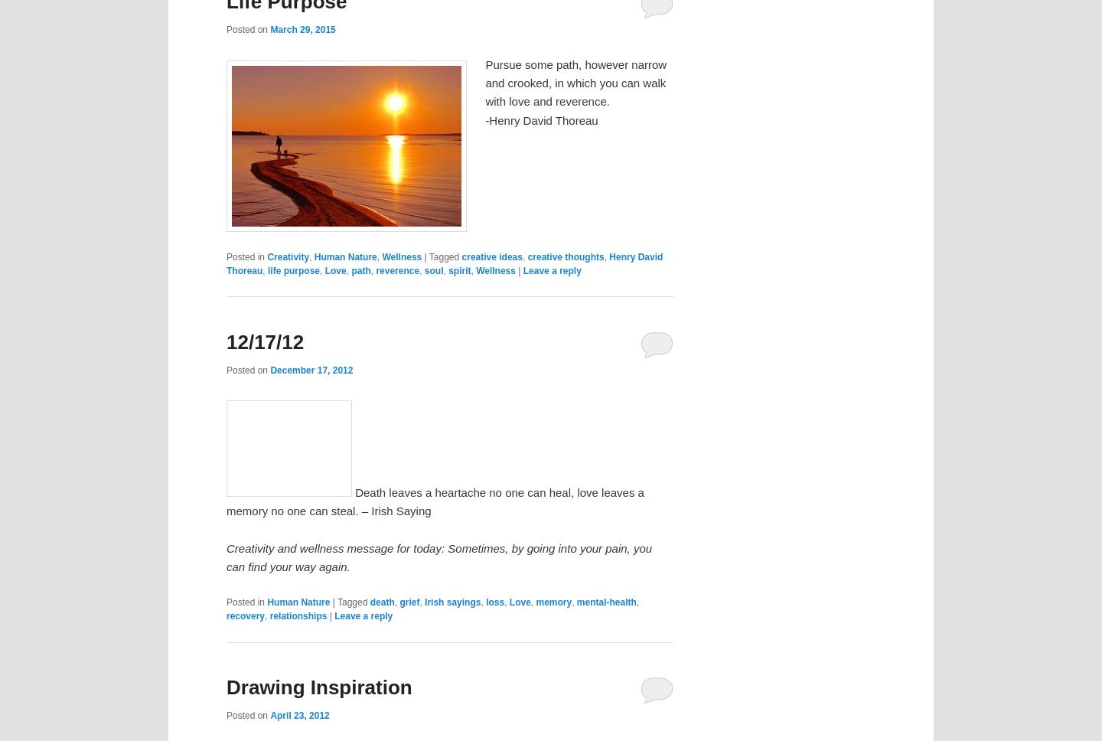 The image size is (1102, 741). I want to click on 'December 17, 2012', so click(310, 369).